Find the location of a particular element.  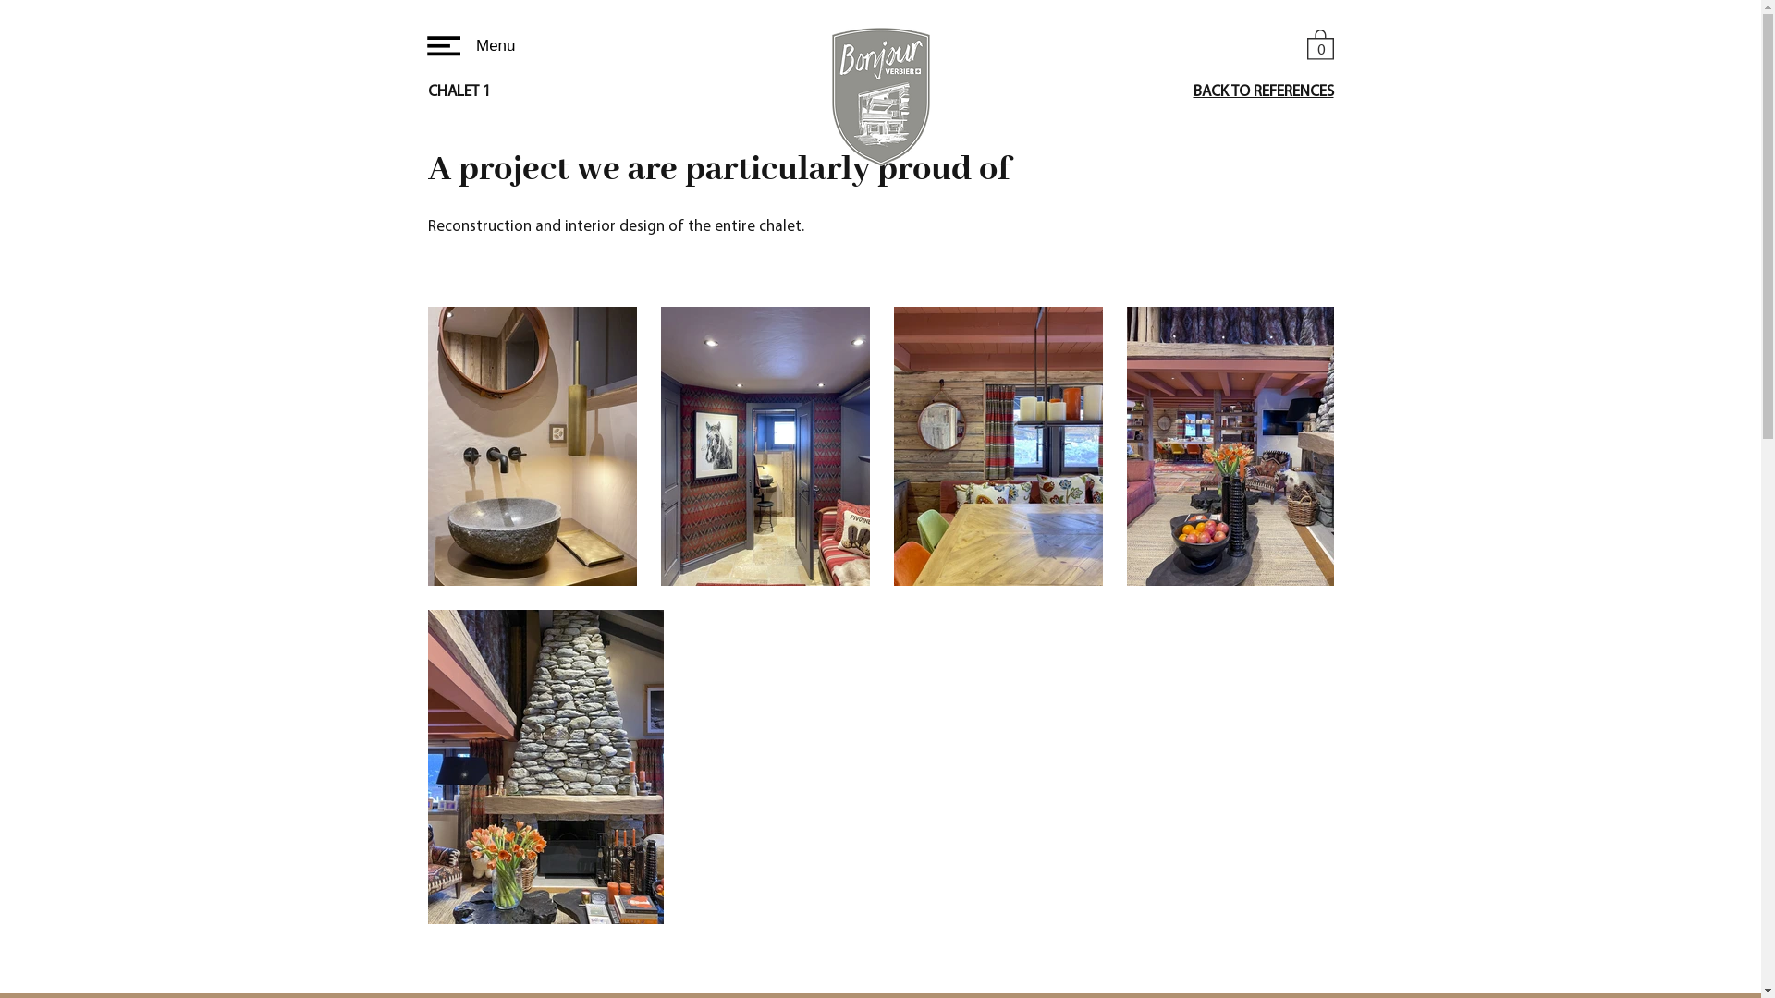

'Logo_BVIDS.png' is located at coordinates (880, 96).